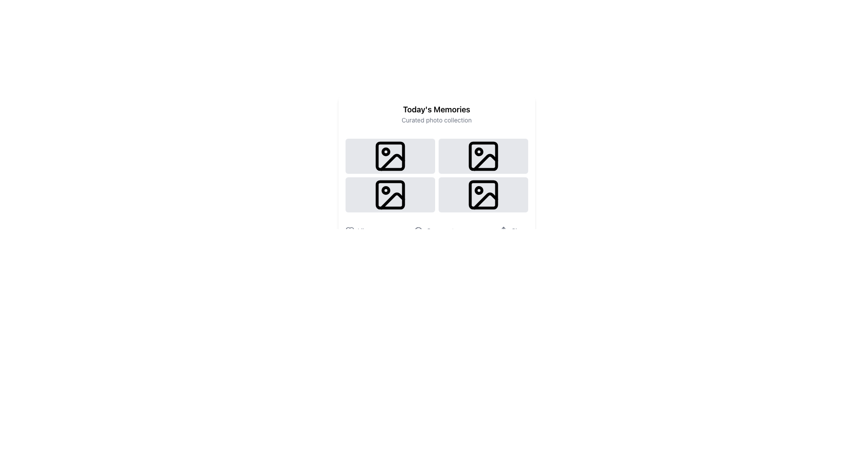 The height and width of the screenshot is (474, 843). I want to click on the non-interactive card placeholder located in the bottom-right corner of the 2x2 grid under 'Today's Memories', so click(483, 194).